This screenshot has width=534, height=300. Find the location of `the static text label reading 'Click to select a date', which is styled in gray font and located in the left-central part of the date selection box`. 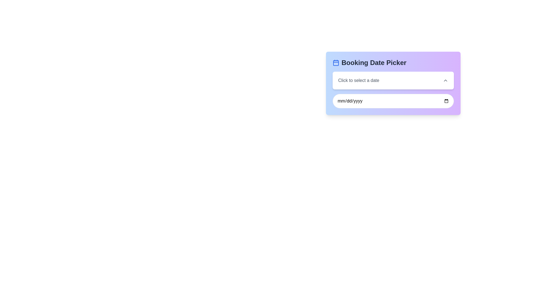

the static text label reading 'Click to select a date', which is styled in gray font and located in the left-central part of the date selection box is located at coordinates (359, 80).